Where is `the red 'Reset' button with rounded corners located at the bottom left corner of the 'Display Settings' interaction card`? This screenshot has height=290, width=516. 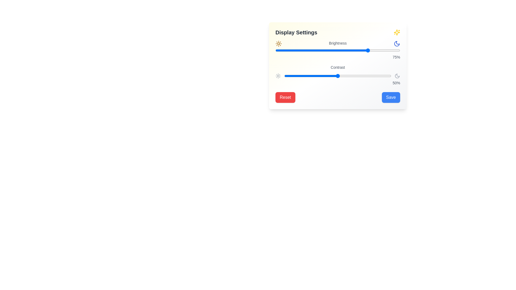
the red 'Reset' button with rounded corners located at the bottom left corner of the 'Display Settings' interaction card is located at coordinates (285, 97).